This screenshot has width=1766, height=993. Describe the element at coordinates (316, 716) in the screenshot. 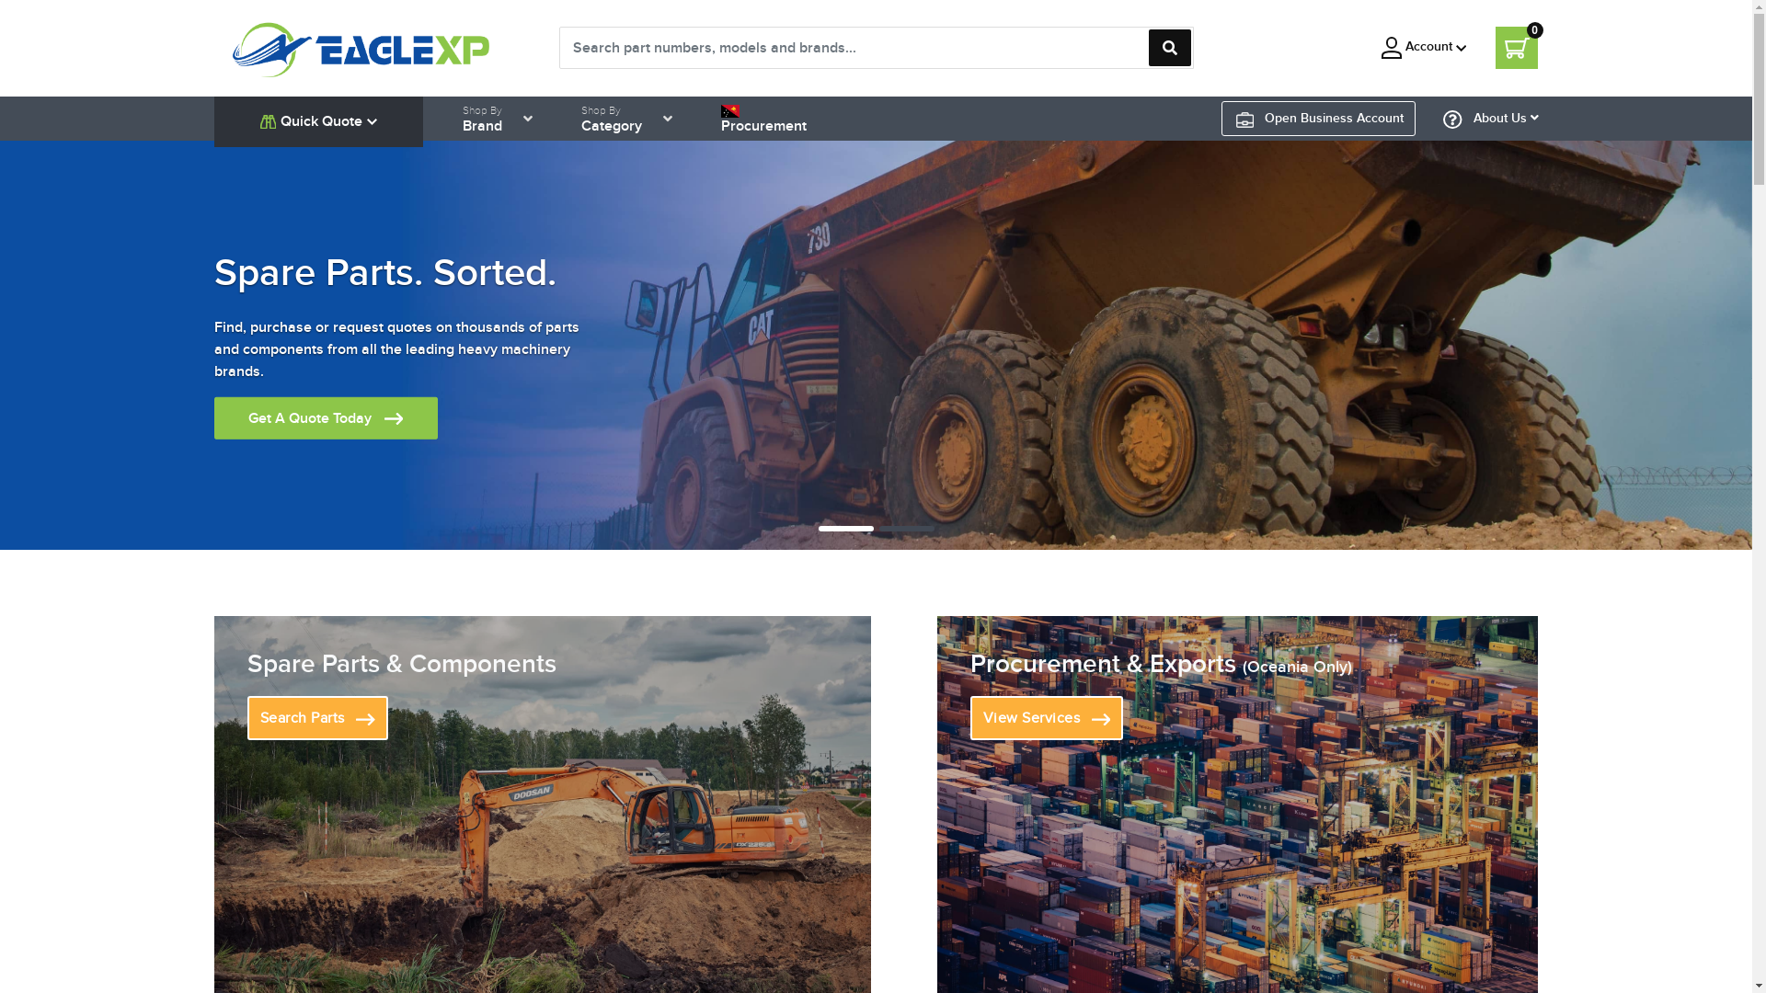

I see `'Search Parts'` at that location.